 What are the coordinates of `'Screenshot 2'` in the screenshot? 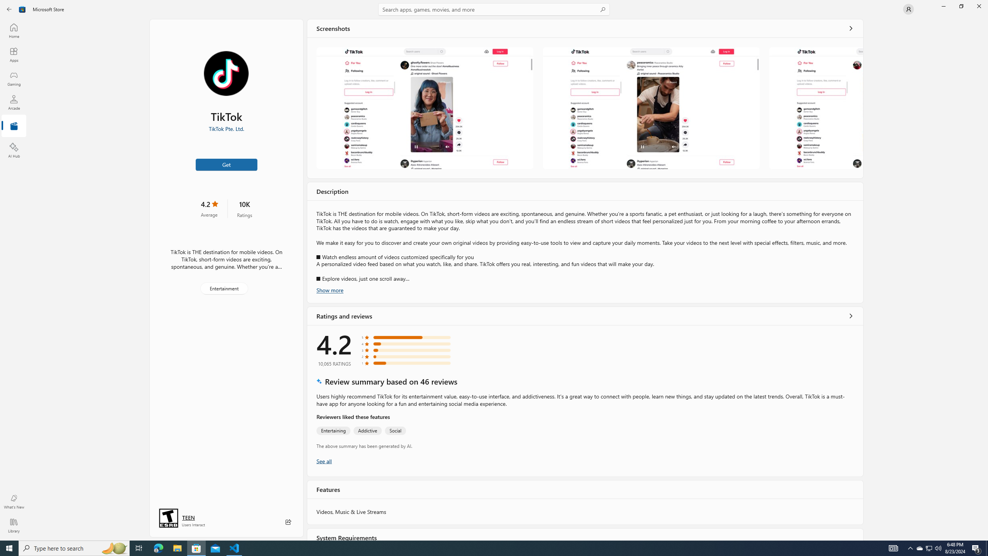 It's located at (651, 108).